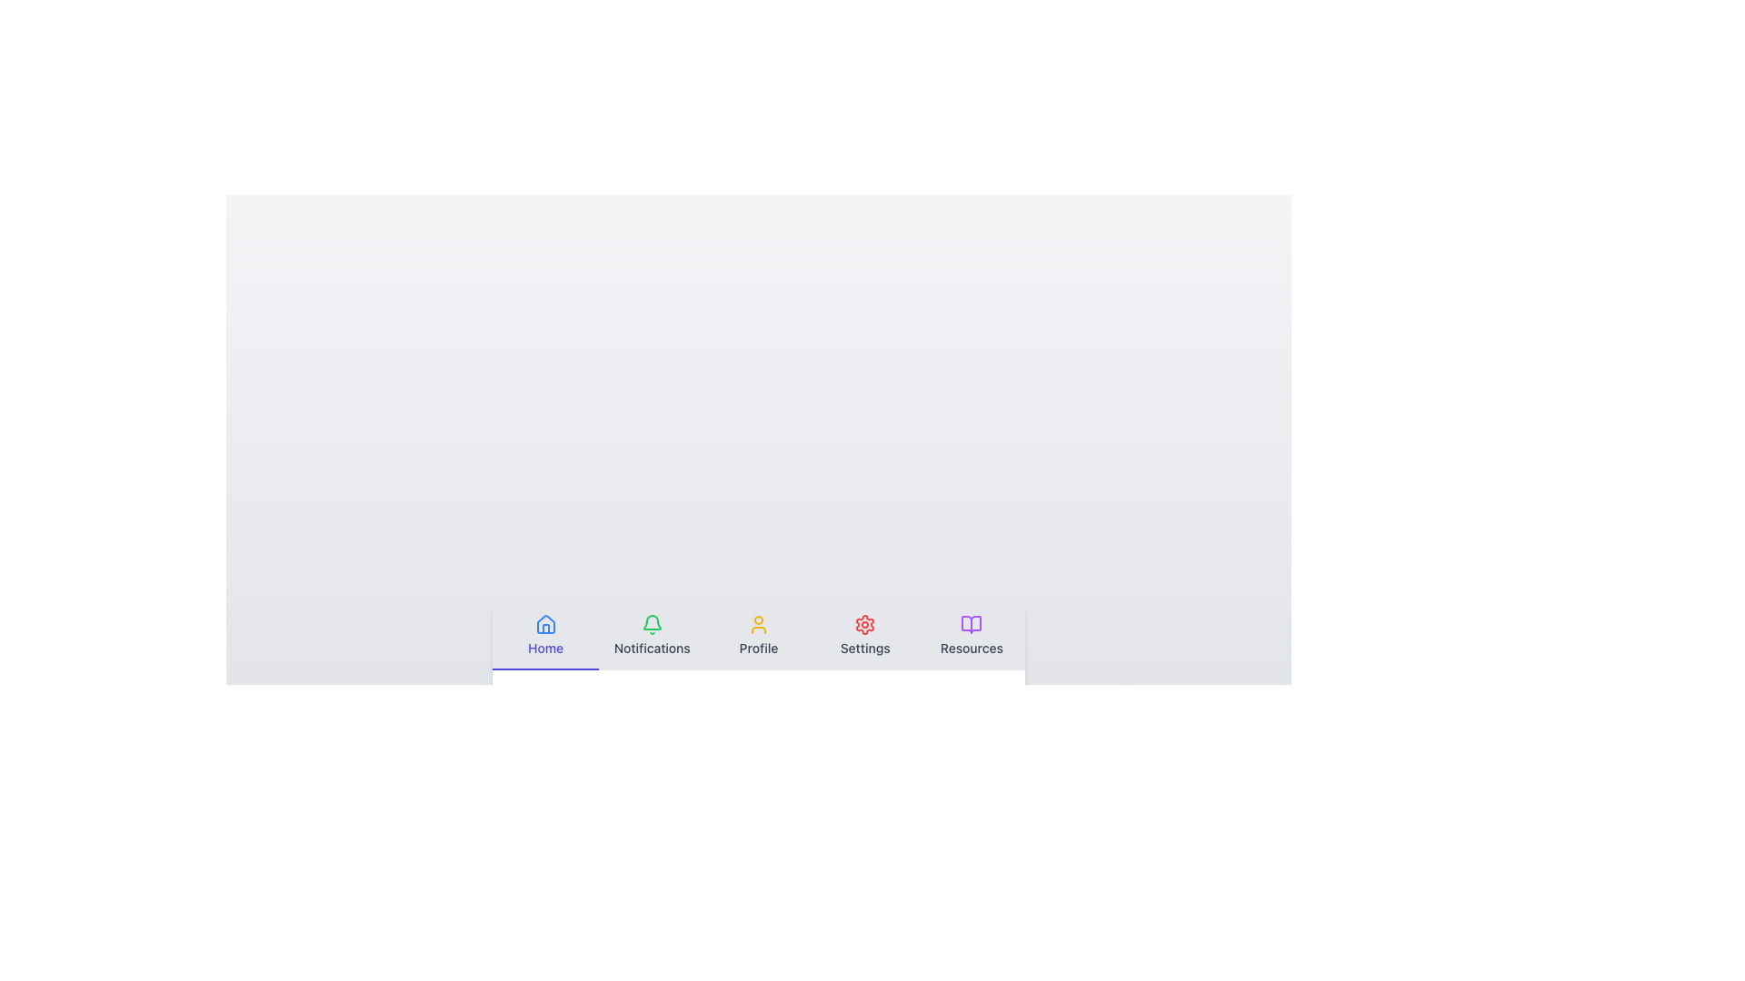  I want to click on the text label displaying 'Profile' in a muted gray shade, located in the bottom navigation bar below a yellow user figure icon, so click(759, 647).